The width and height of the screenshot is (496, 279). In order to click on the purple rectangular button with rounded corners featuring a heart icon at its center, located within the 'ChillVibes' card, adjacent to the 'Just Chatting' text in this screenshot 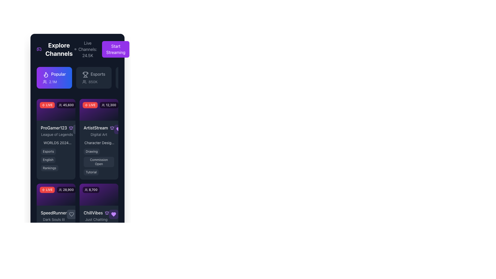, I will do `click(113, 214)`.